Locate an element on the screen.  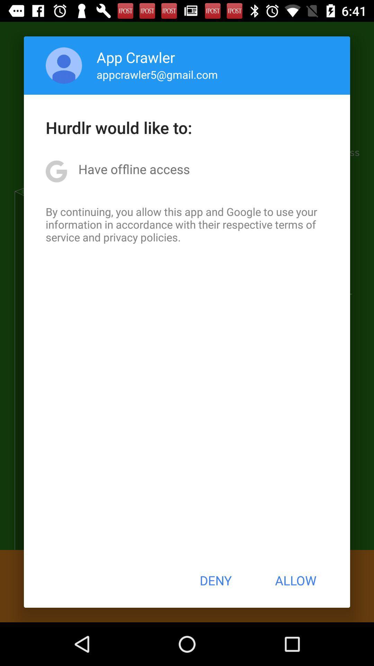
the button to the left of allow item is located at coordinates (215, 580).